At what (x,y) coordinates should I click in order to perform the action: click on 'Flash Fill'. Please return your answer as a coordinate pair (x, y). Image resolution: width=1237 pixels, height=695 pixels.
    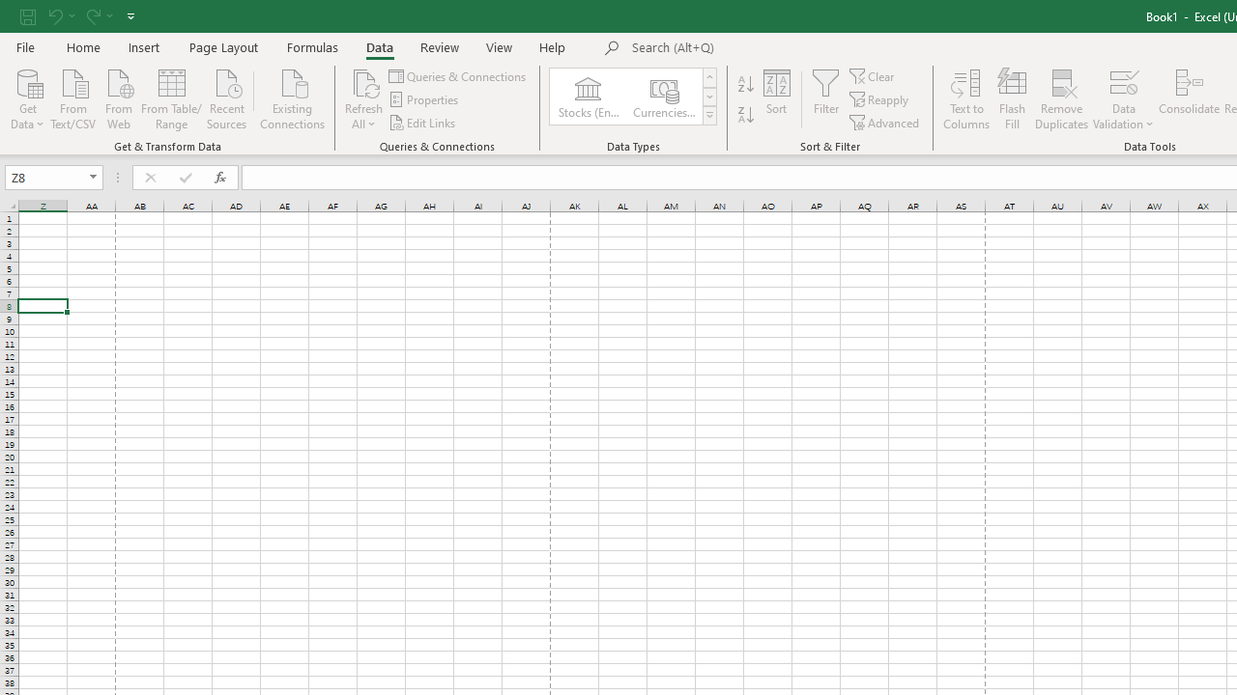
    Looking at the image, I should click on (1011, 99).